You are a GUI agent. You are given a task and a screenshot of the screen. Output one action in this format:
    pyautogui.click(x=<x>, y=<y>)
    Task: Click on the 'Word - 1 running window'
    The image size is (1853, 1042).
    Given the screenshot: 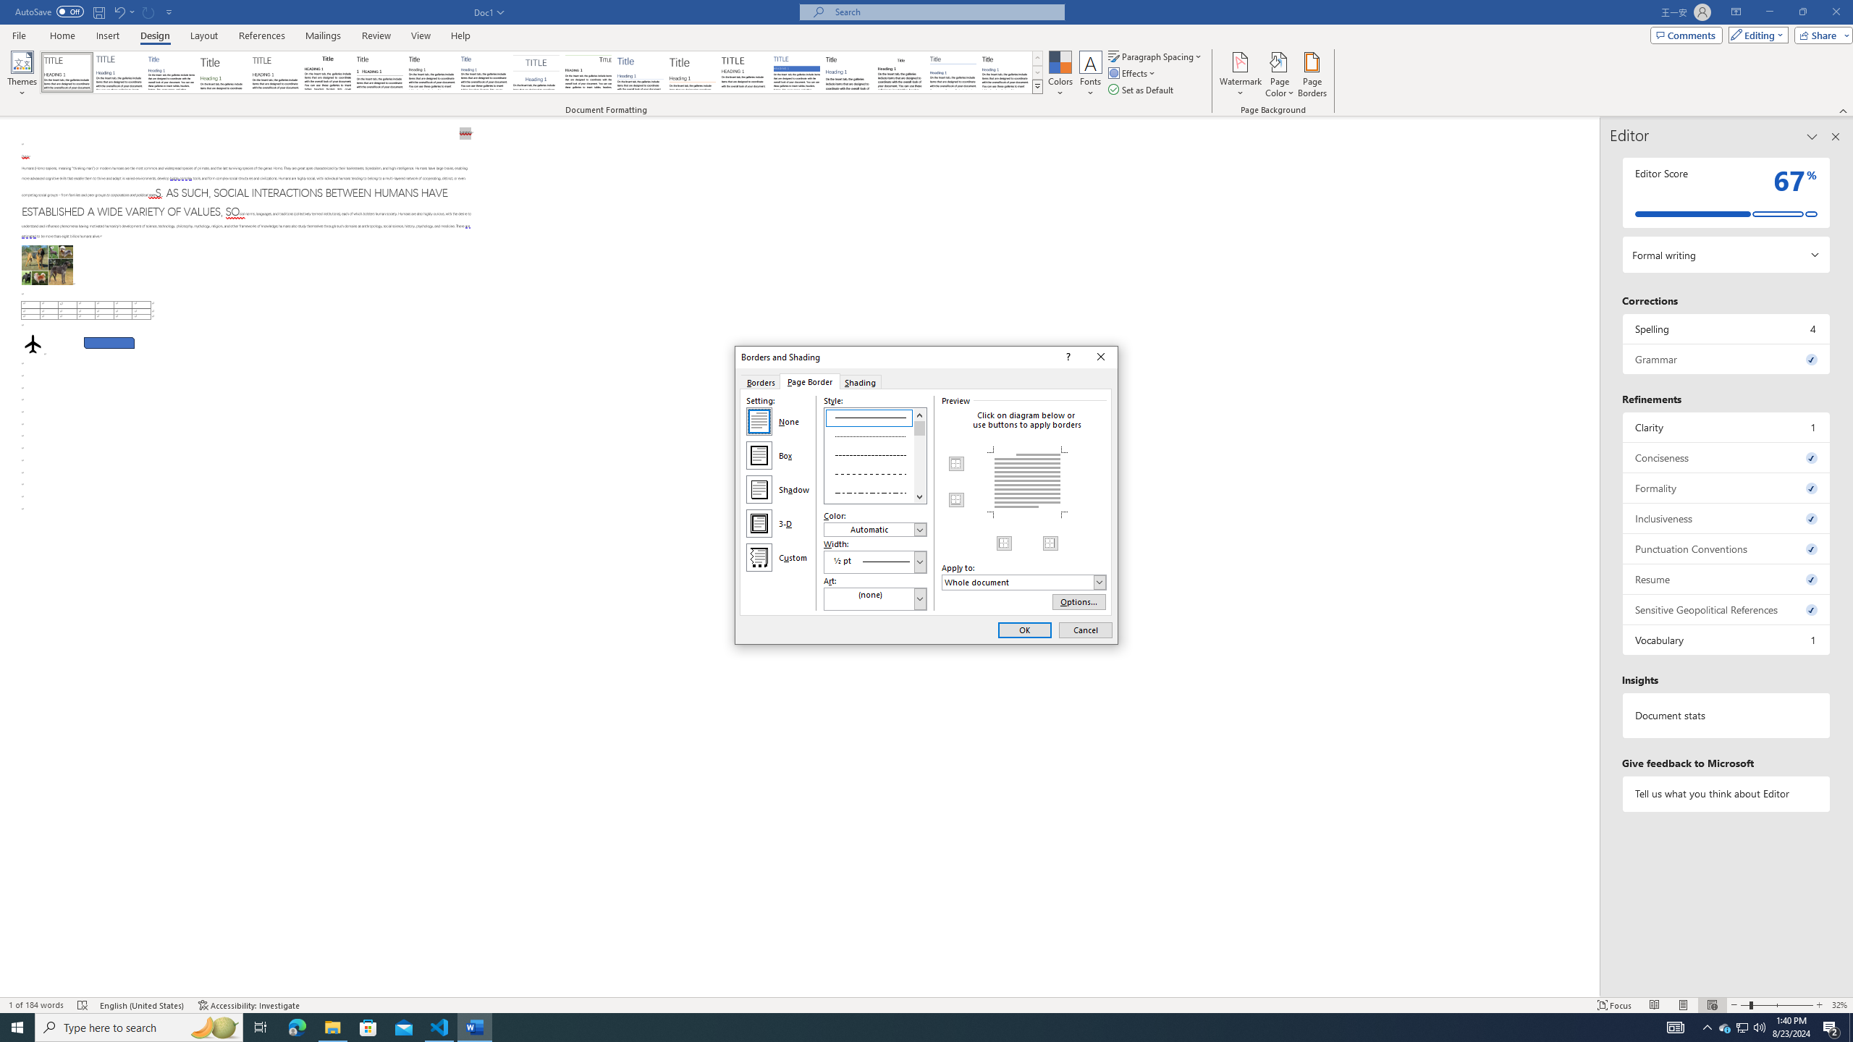 What is the action you would take?
    pyautogui.click(x=475, y=1026)
    